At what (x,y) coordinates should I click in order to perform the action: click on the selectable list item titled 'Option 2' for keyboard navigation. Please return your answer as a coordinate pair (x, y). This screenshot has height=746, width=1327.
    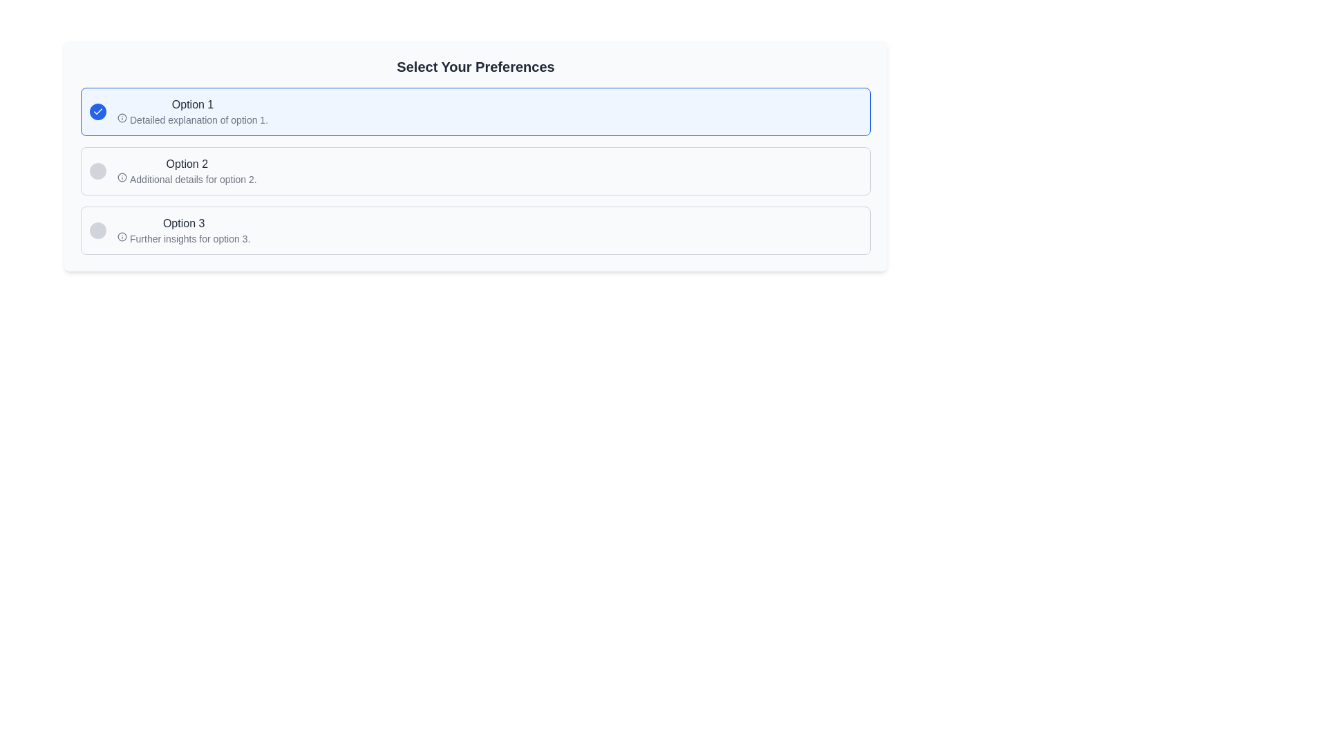
    Looking at the image, I should click on (186, 170).